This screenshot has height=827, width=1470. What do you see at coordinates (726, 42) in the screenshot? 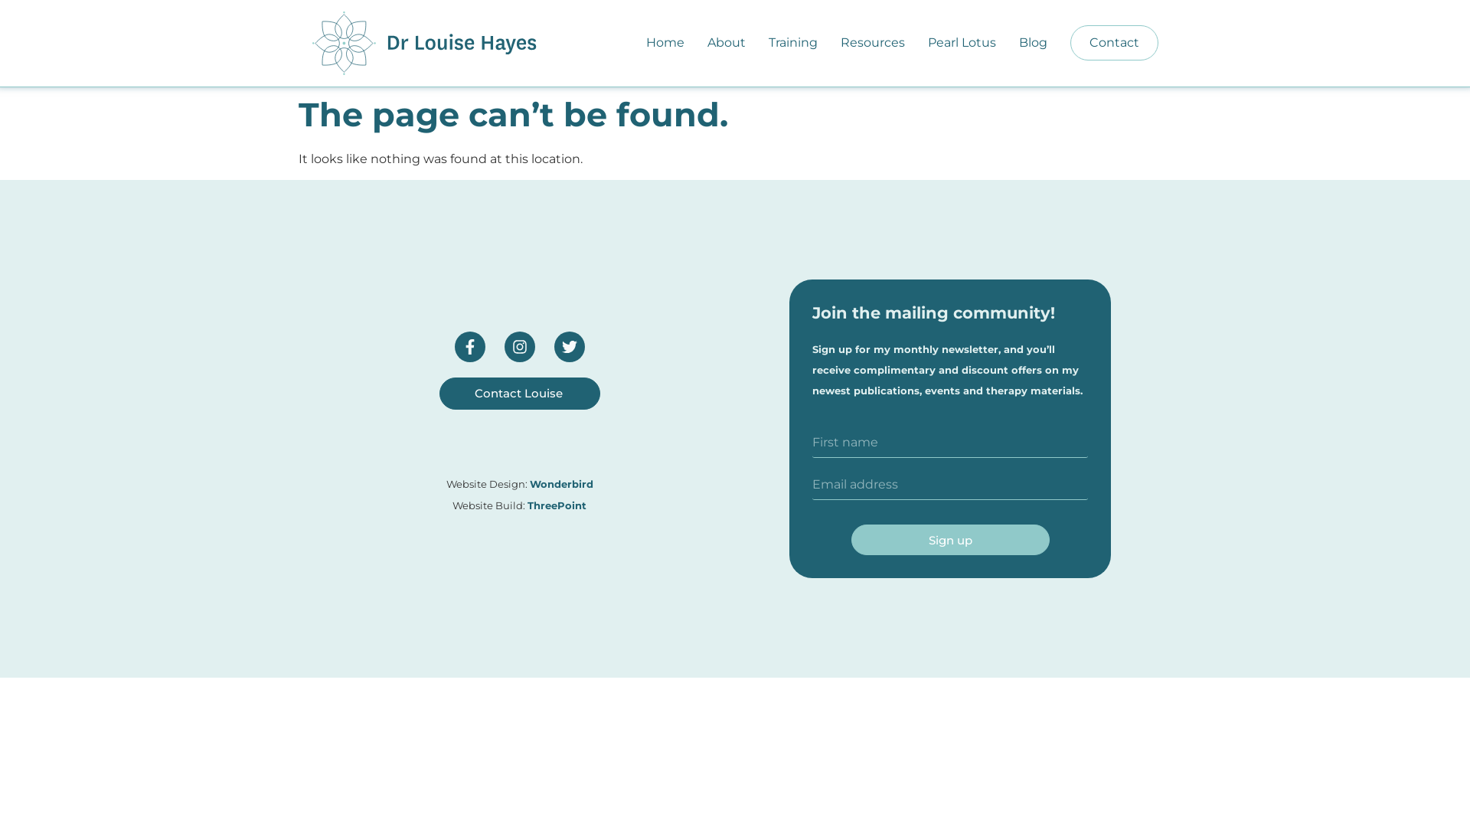
I see `'About'` at bounding box center [726, 42].